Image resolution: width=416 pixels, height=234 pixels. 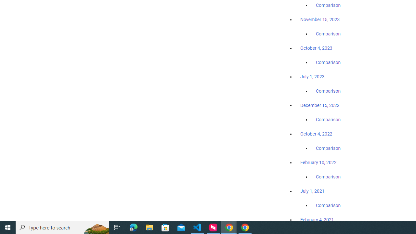 I want to click on 'July 1, 2023', so click(x=312, y=76).